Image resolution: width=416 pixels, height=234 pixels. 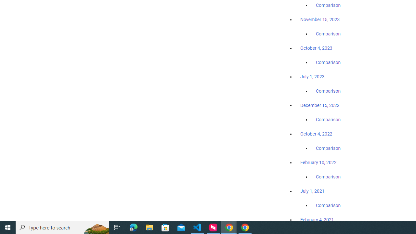 I want to click on 'July 1, 2023', so click(x=312, y=76).